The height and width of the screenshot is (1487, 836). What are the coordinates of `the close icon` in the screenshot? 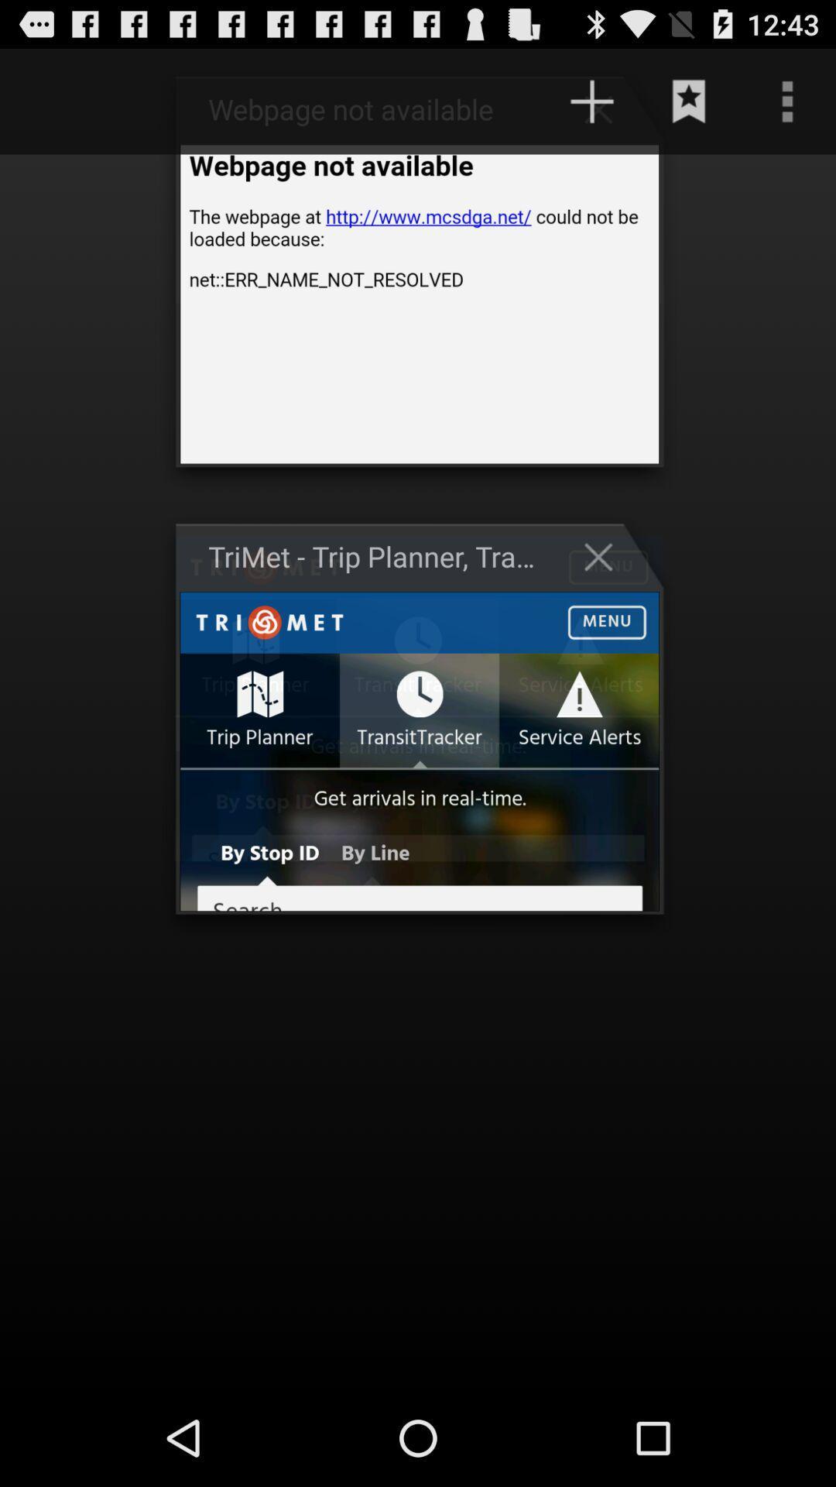 It's located at (605, 594).